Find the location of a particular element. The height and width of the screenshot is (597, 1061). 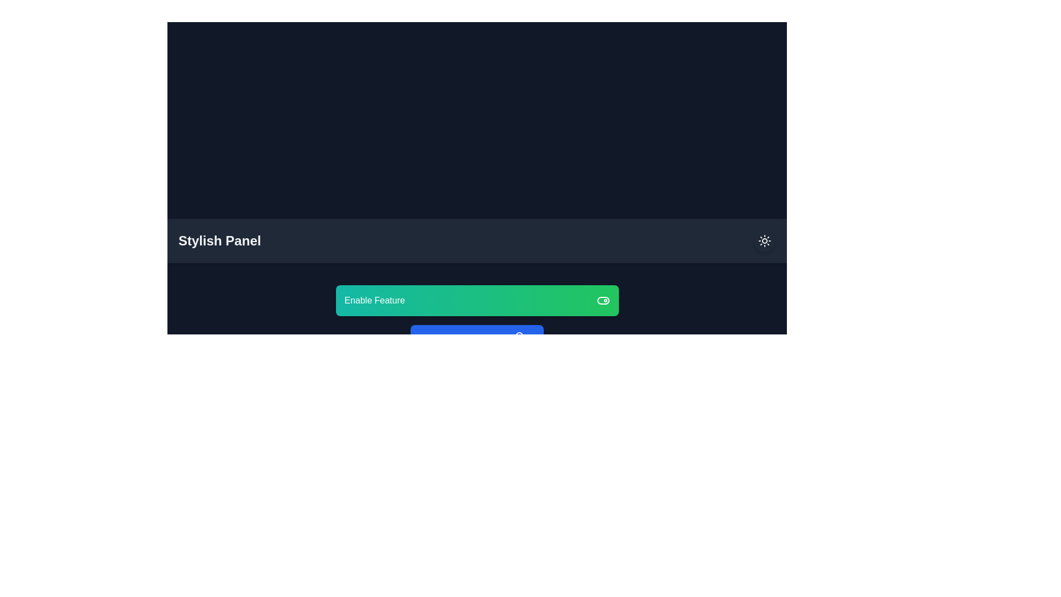

the Stylish Panel, which features the title 'Stylish Panel' on the left and a circular button on the right is located at coordinates (477, 240).